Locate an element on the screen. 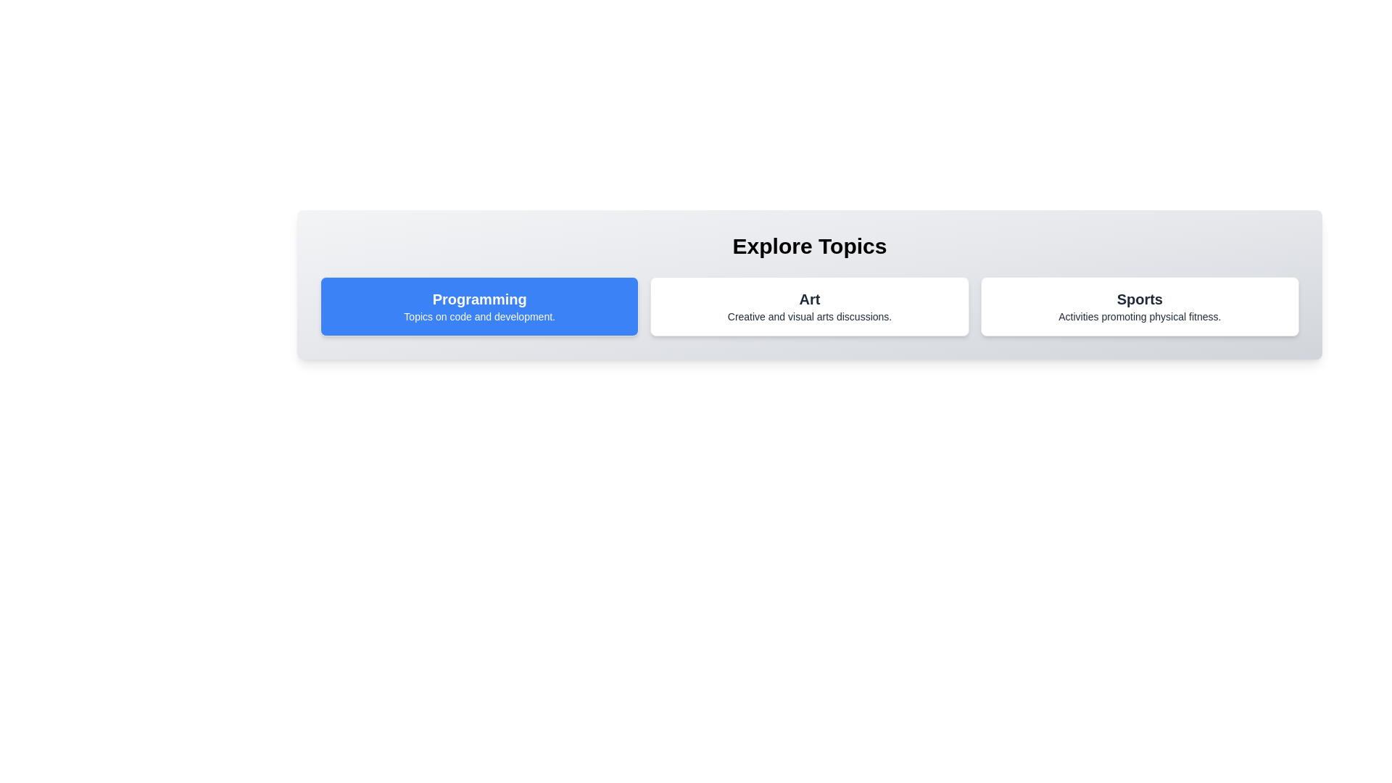 The image size is (1392, 783). the topic card labeled 'Programming' to see the hover effect is located at coordinates (479, 306).